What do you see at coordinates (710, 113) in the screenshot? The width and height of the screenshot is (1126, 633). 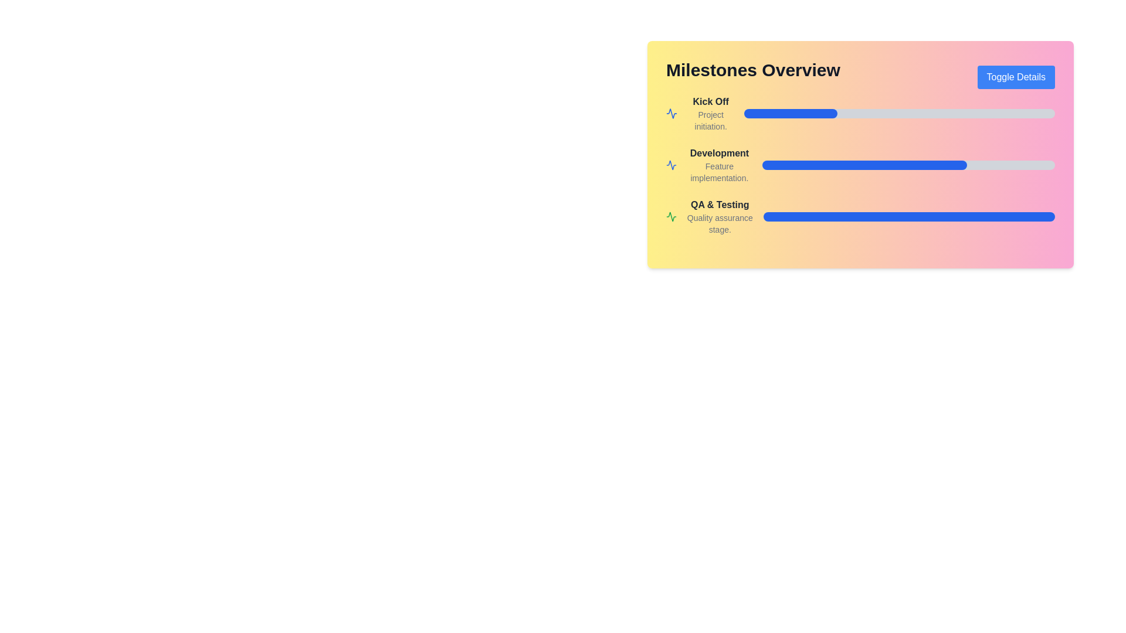 I see `the text block that displays 'Kick Off' and 'Project initiation.' in the Milestones Overview section` at bounding box center [710, 113].